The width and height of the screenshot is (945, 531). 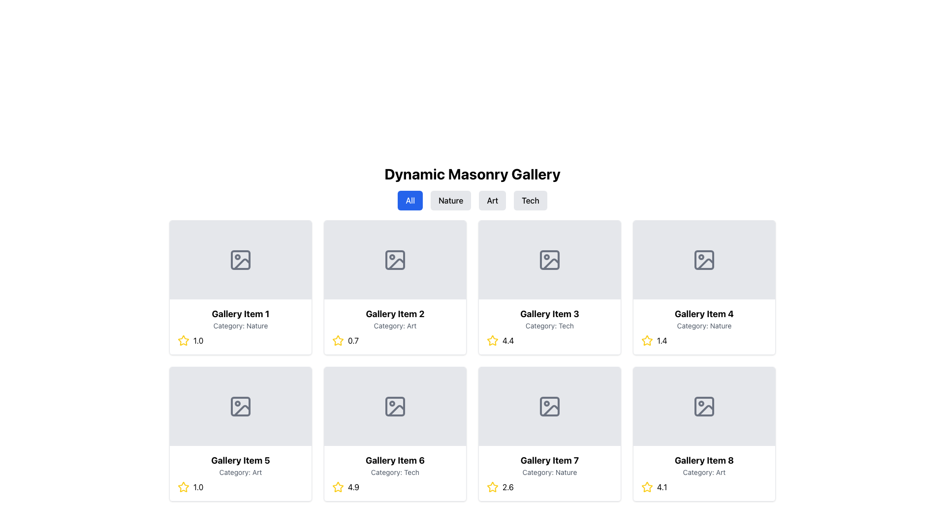 What do you see at coordinates (395, 340) in the screenshot?
I see `rating value displayed in the rating indicator for the item 'Gallery Item 2', located at the bottom-left corner of its card` at bounding box center [395, 340].